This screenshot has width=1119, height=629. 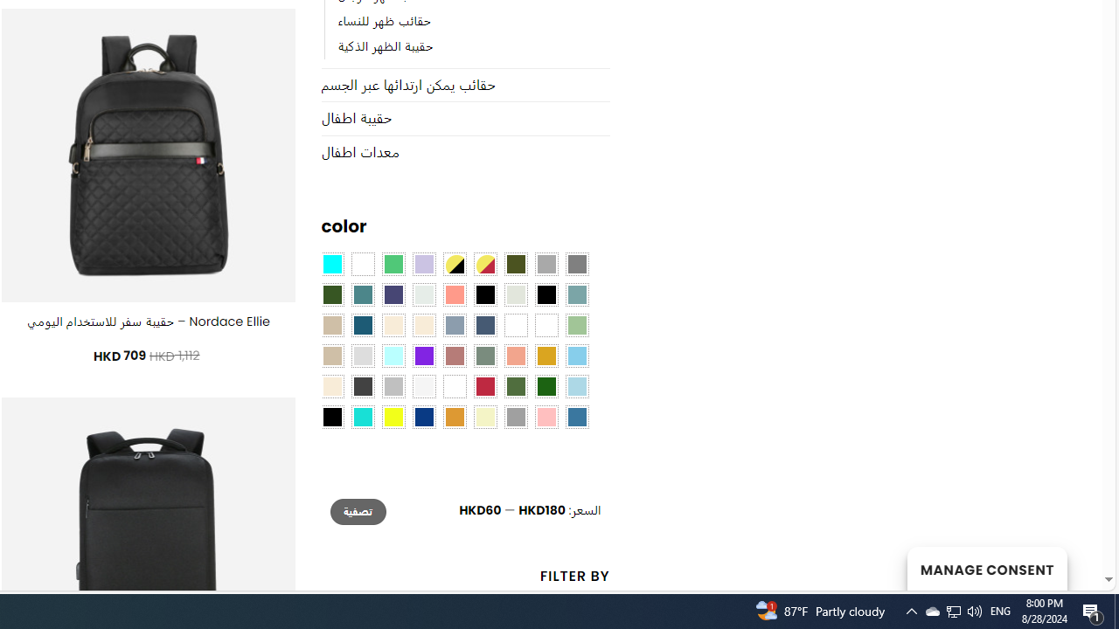 What do you see at coordinates (392, 325) in the screenshot?
I see `'Caramel'` at bounding box center [392, 325].